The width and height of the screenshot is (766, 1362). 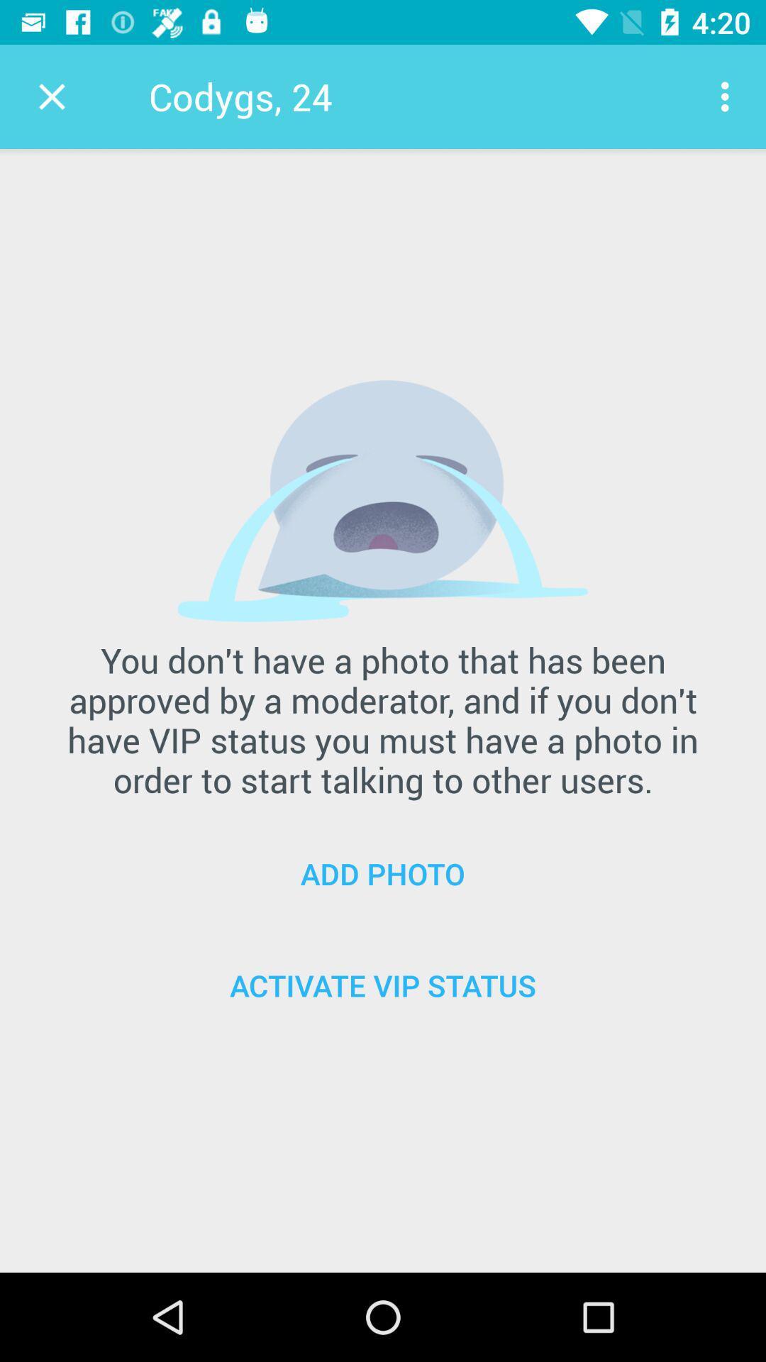 What do you see at coordinates (240, 96) in the screenshot?
I see `codygs, 24` at bounding box center [240, 96].